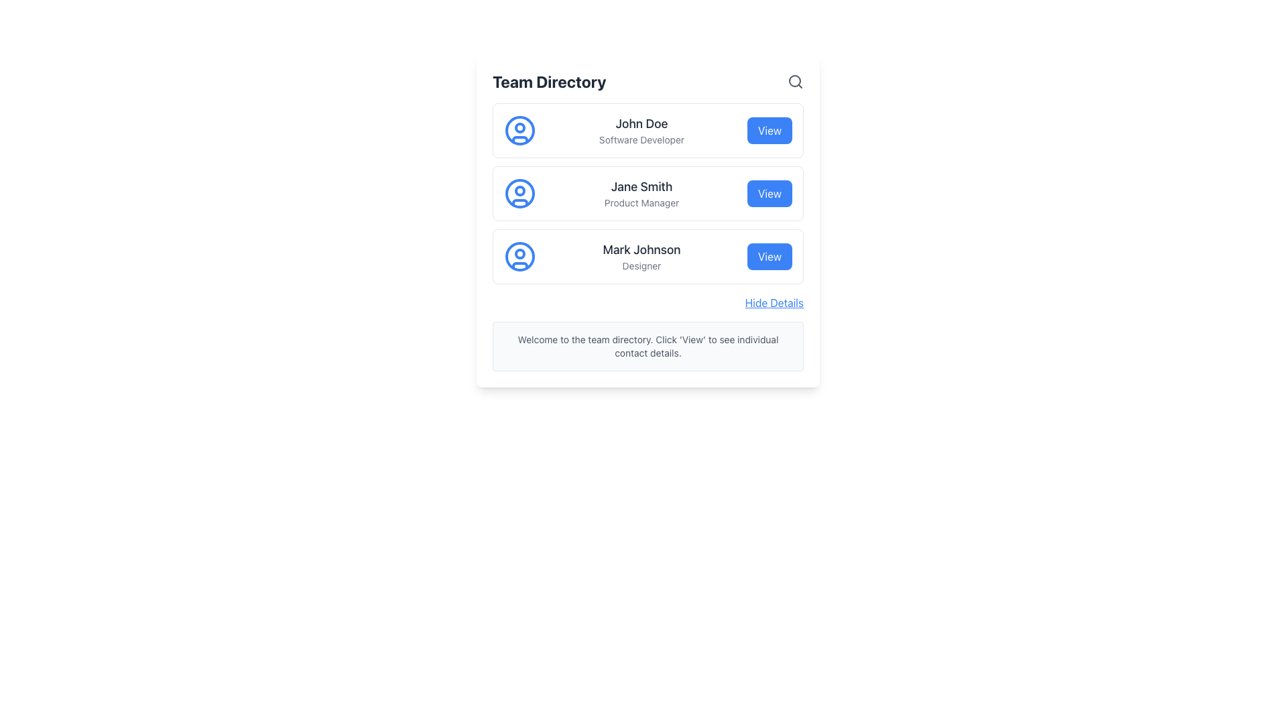  Describe the element at coordinates (519, 194) in the screenshot. I see `the blue outlined circle element of the user avatar icon for Jane Smith, which is centrally positioned within the profile graphic` at that location.